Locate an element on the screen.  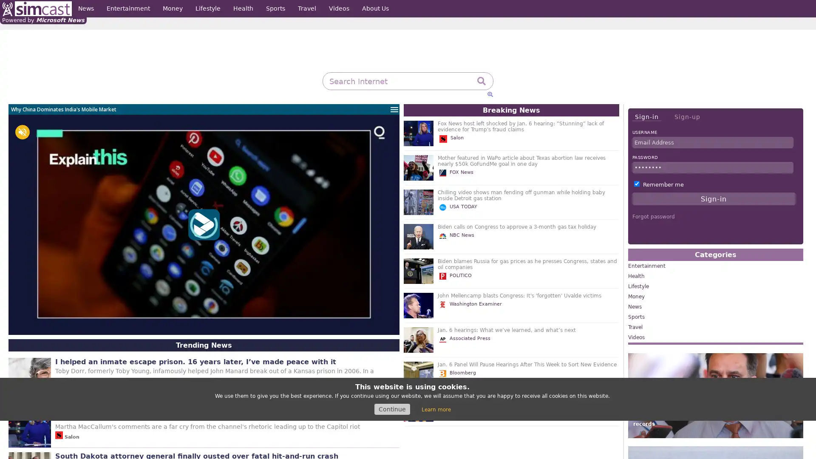
Sign-in is located at coordinates (646, 117).